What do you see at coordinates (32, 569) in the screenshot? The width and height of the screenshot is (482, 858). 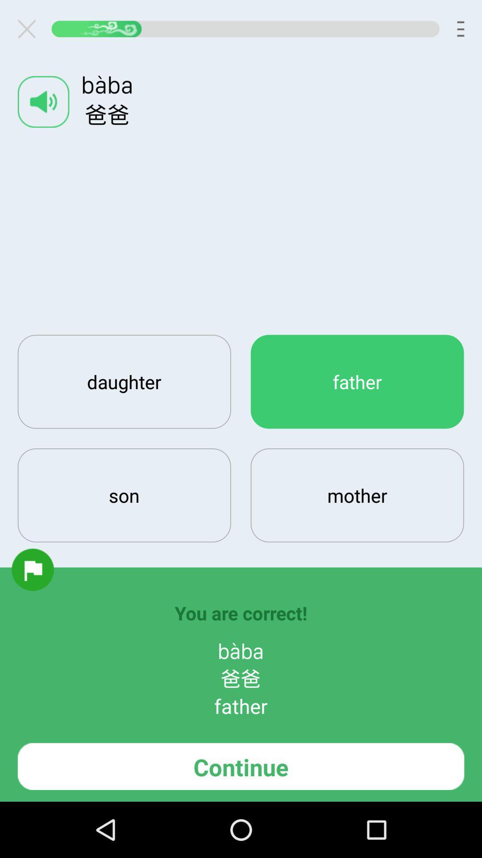 I see `flag` at bounding box center [32, 569].